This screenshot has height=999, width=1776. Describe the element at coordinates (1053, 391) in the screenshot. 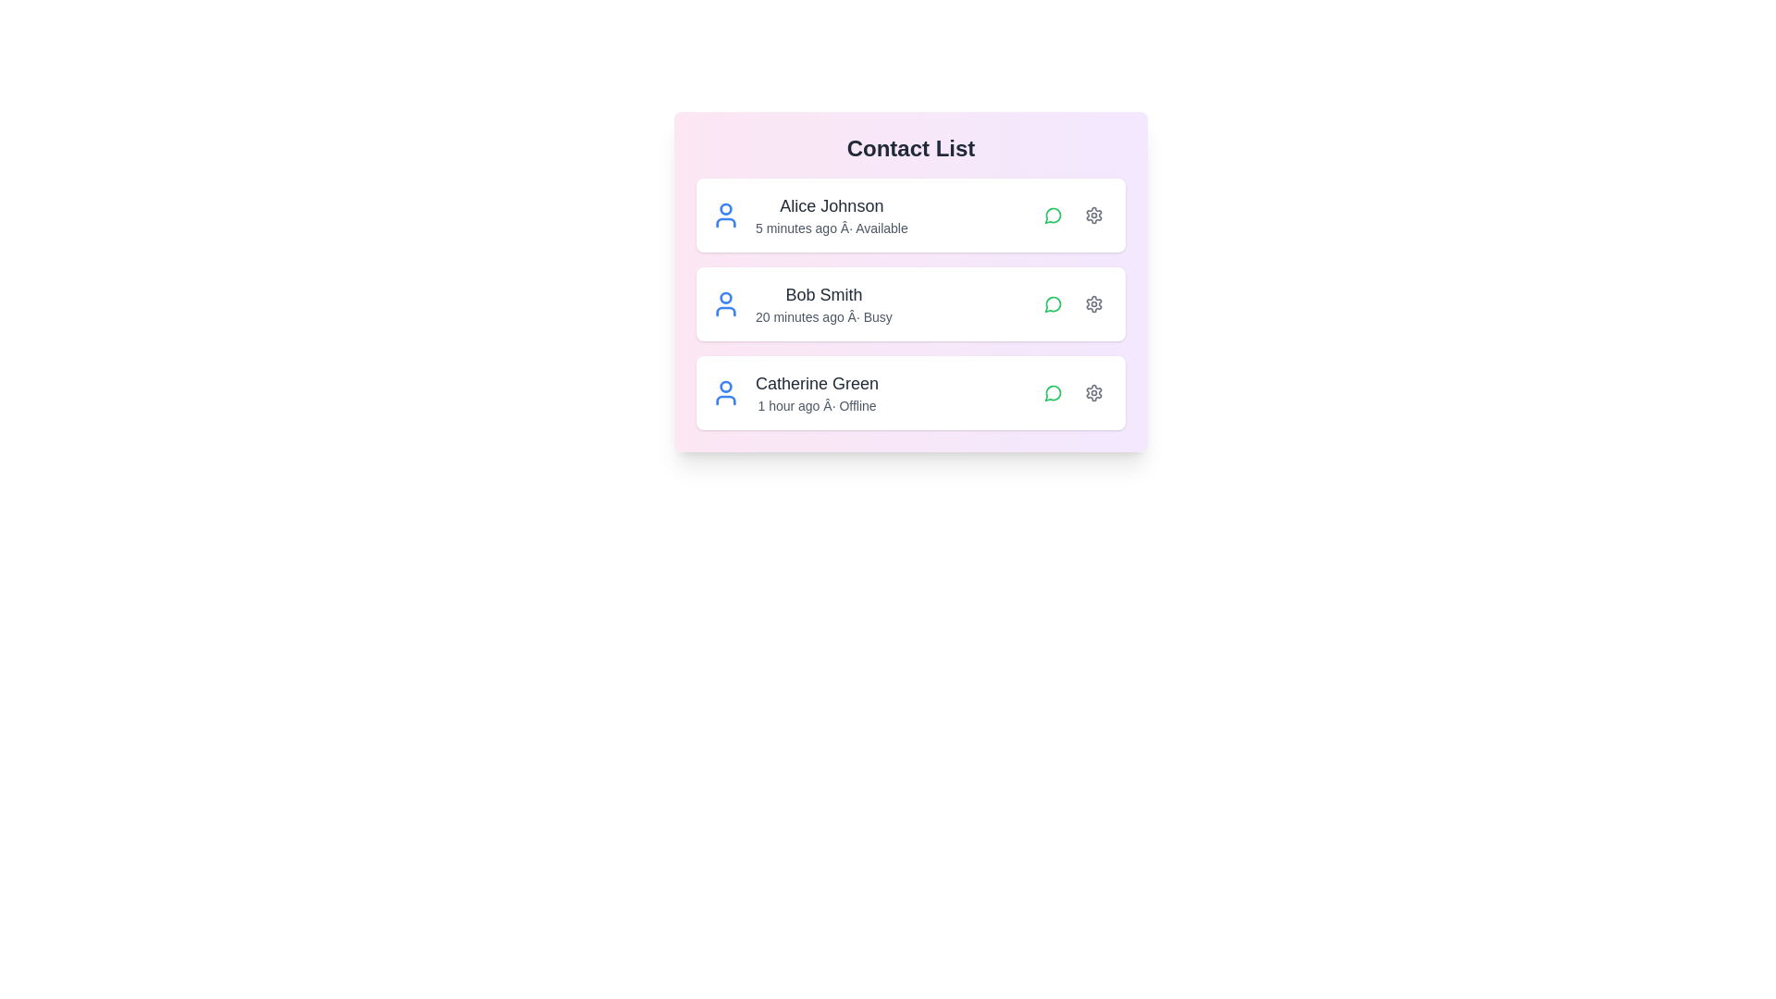

I see `chat icon next to the contact Catherine Green to initiate a chat` at that location.